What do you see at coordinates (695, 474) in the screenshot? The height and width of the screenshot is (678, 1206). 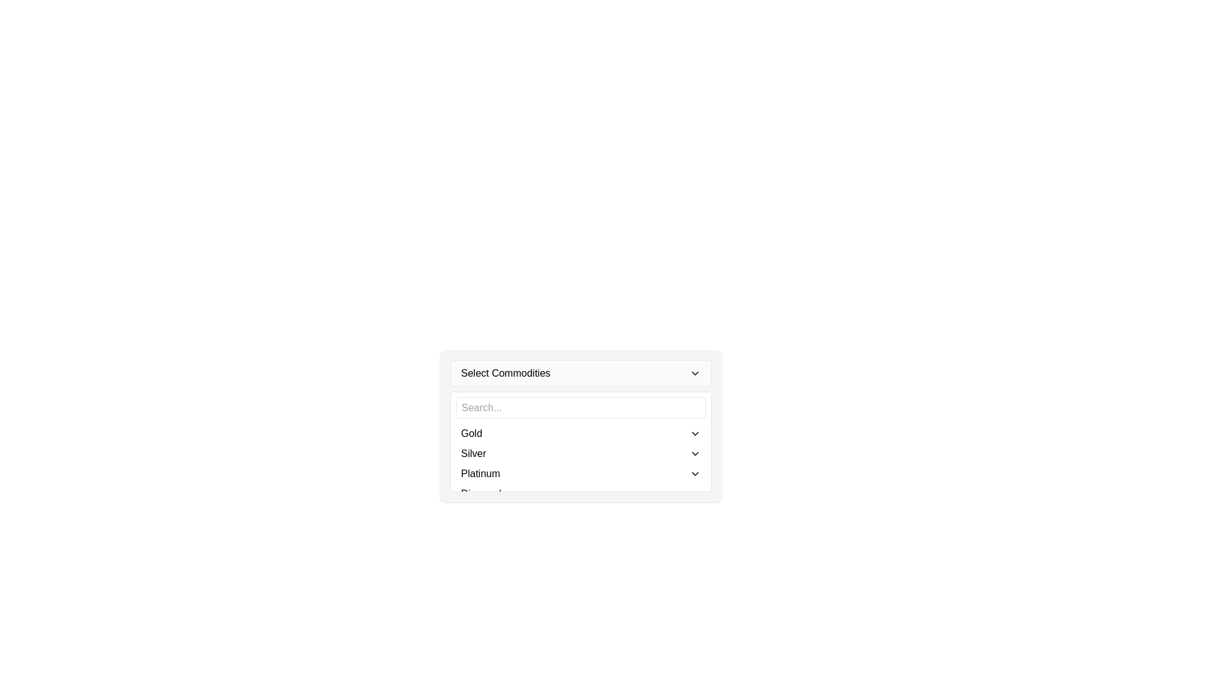 I see `the dropdown indicator icon located in the bottom right corner of the 'Platinum' row` at bounding box center [695, 474].